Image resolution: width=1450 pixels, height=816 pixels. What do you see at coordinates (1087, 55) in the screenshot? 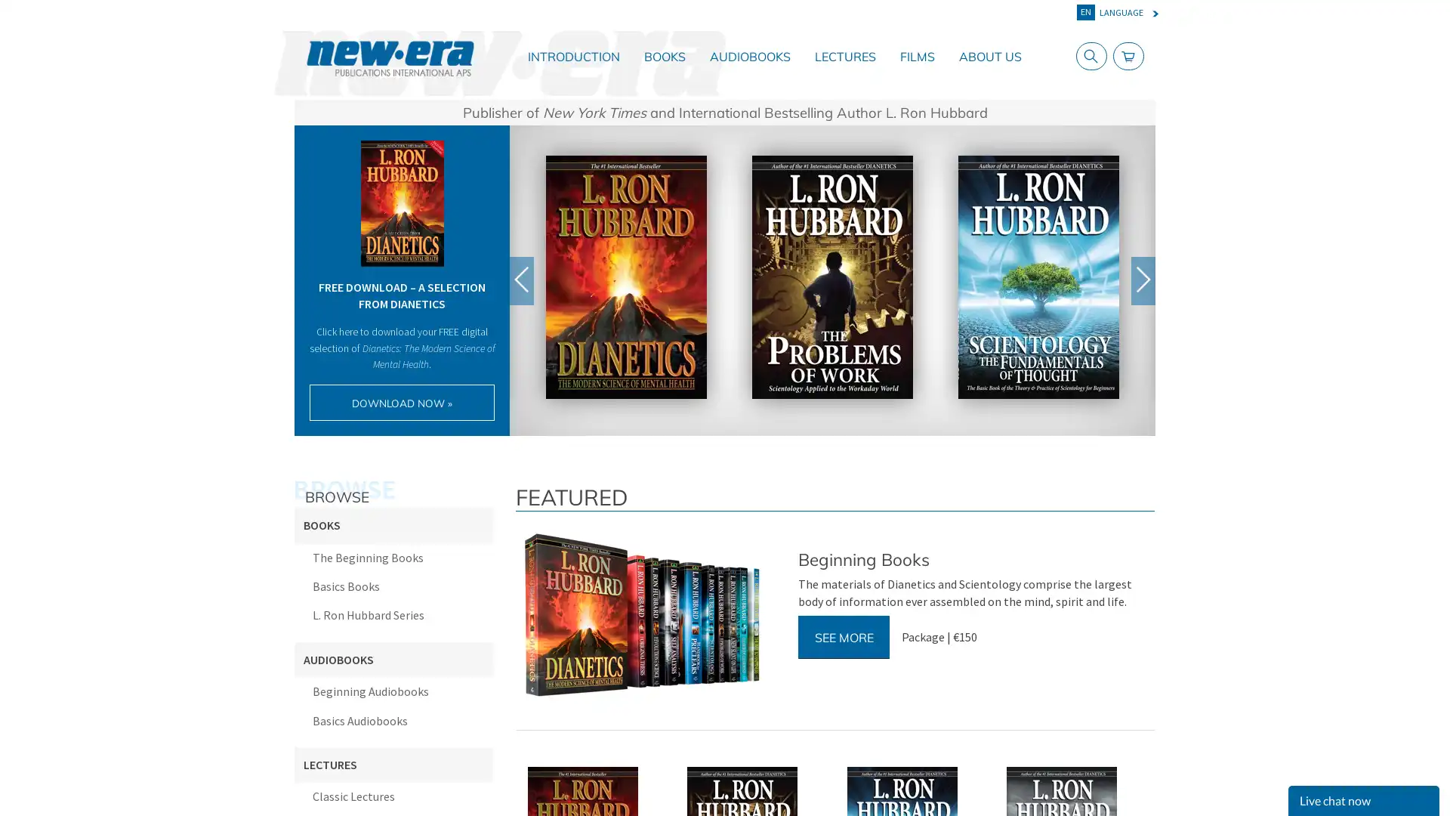
I see `Search W` at bounding box center [1087, 55].